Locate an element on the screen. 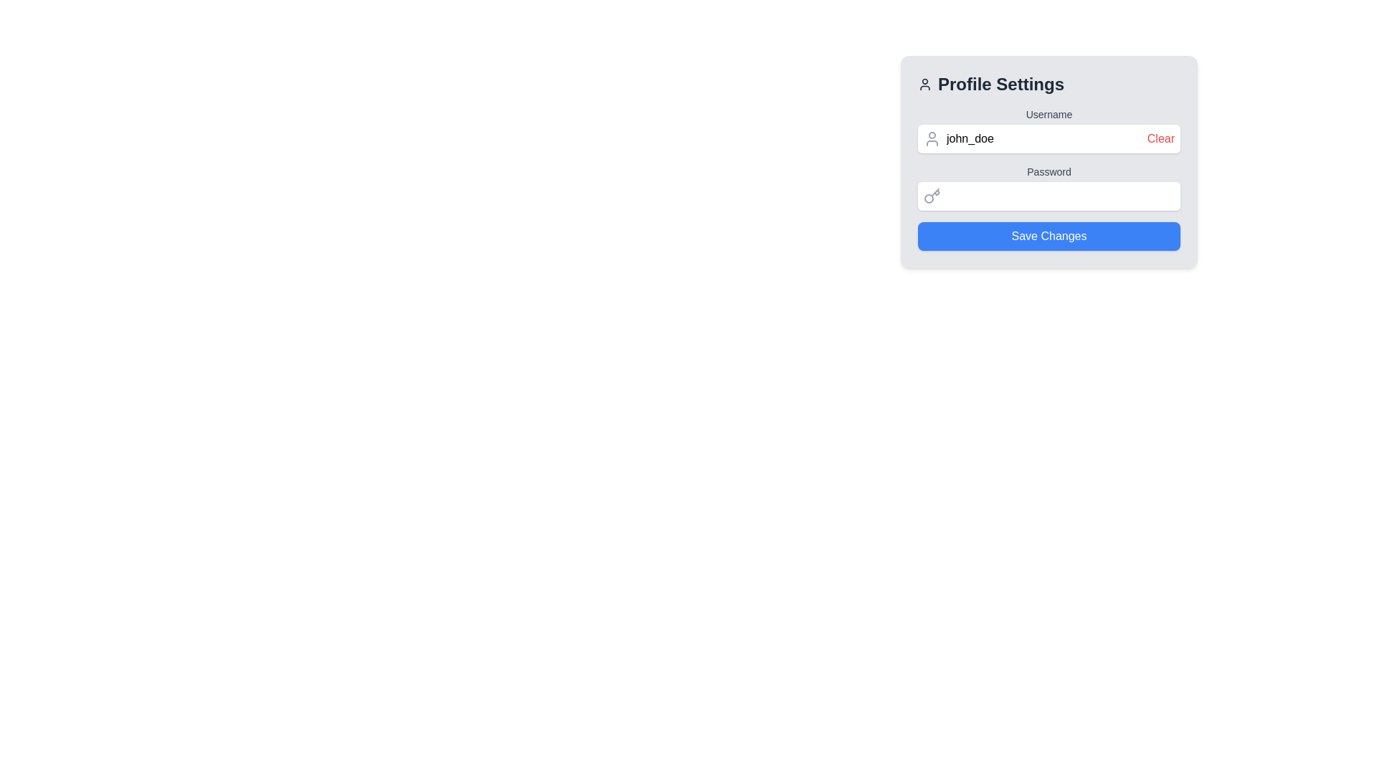 The height and width of the screenshot is (774, 1377). the Text Label at the top of the form card, which indicates the purpose of the fields and actions below is located at coordinates (1049, 85).